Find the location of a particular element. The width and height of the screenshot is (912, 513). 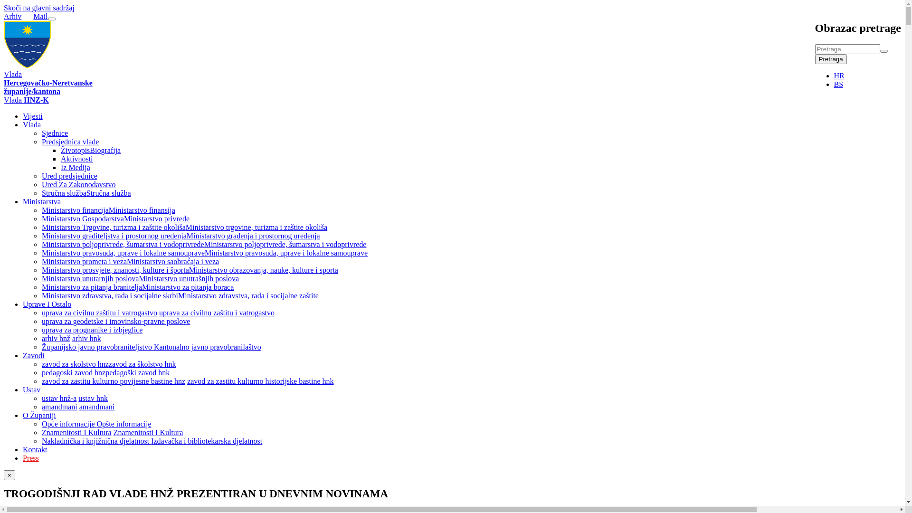

'Arhiv' is located at coordinates (12, 16).